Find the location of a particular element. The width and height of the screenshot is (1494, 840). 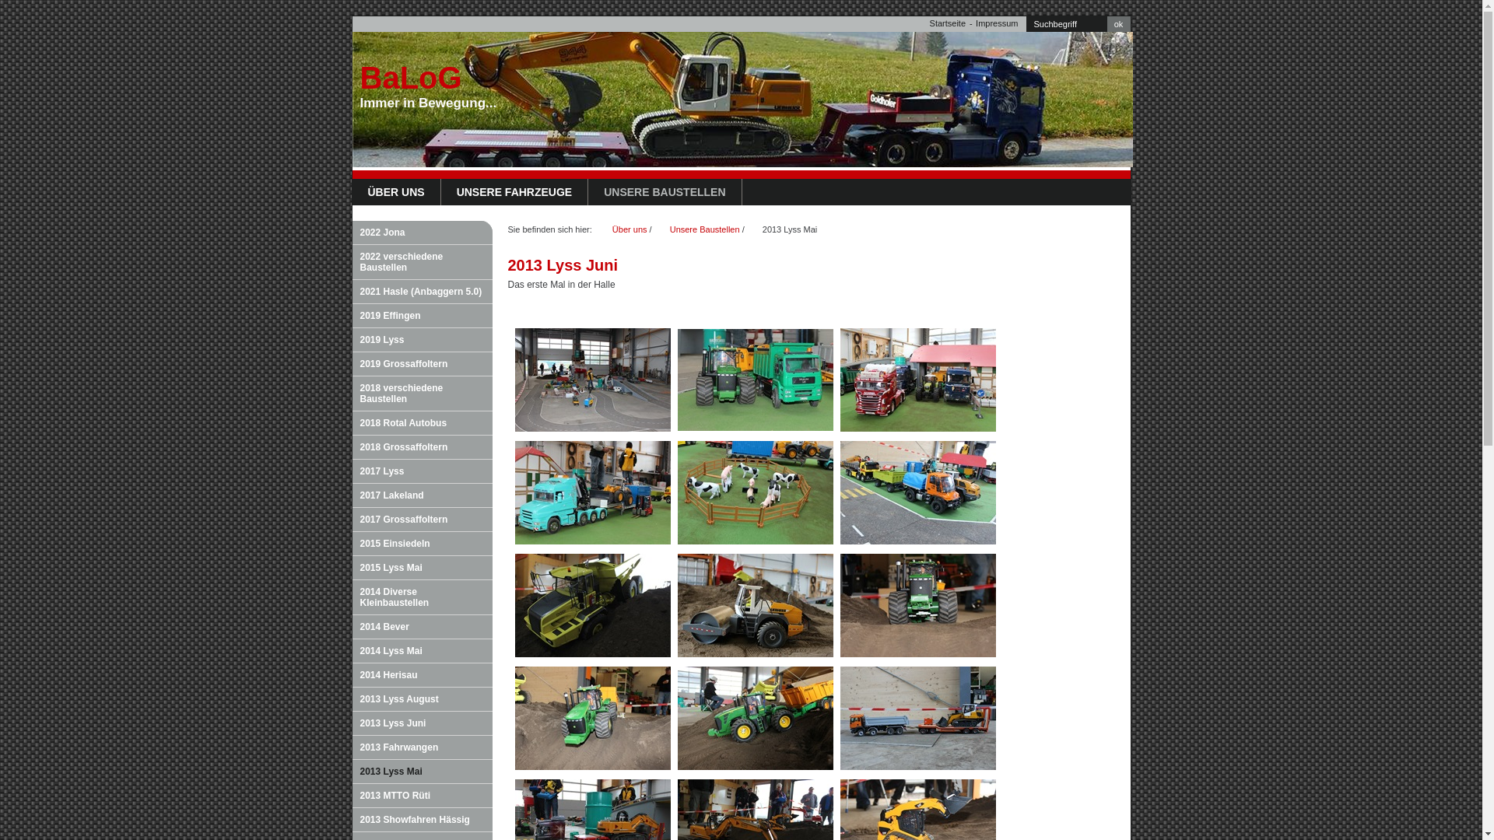

'UNSERE BAUSTELLEN' is located at coordinates (587, 191).